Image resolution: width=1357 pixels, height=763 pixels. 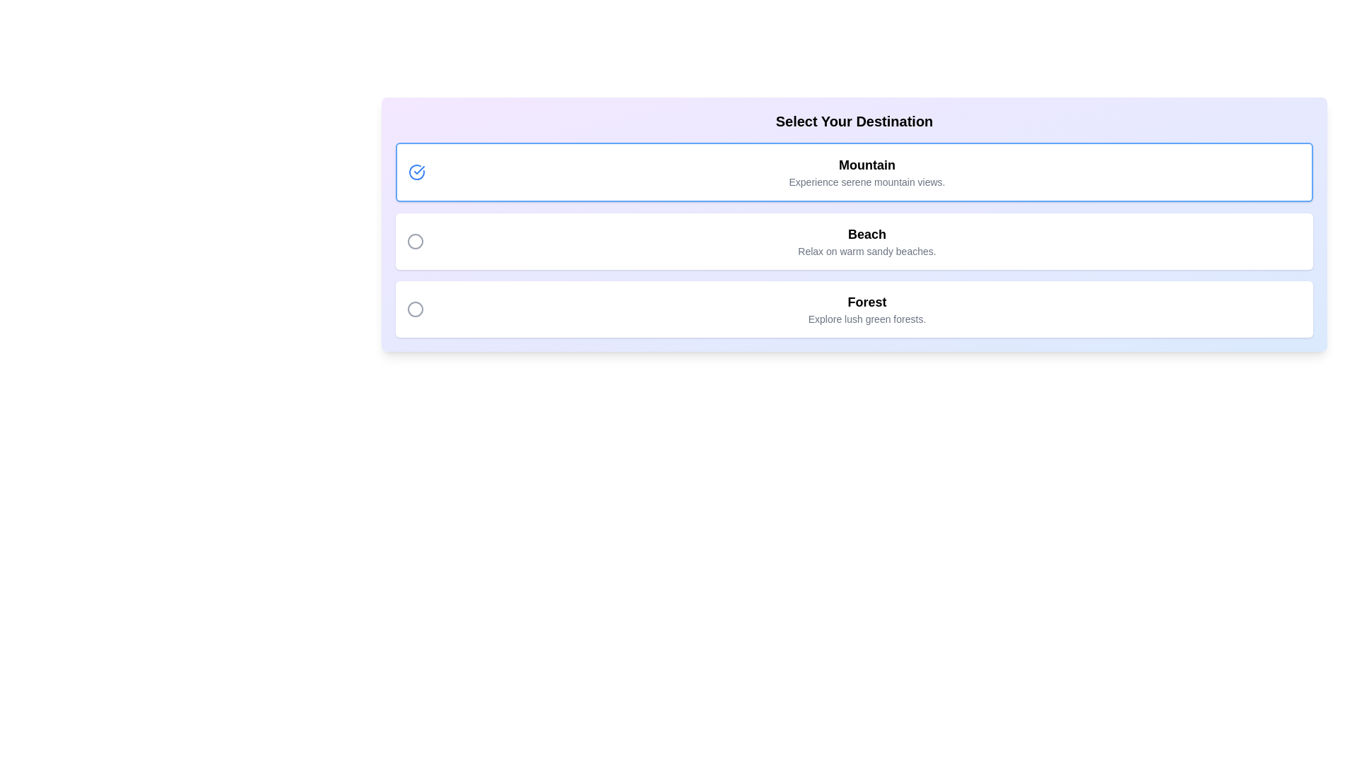 What do you see at coordinates (415, 309) in the screenshot?
I see `the Radio button indicator (circle outline) representing the unselected state for the 'Forest' option group` at bounding box center [415, 309].